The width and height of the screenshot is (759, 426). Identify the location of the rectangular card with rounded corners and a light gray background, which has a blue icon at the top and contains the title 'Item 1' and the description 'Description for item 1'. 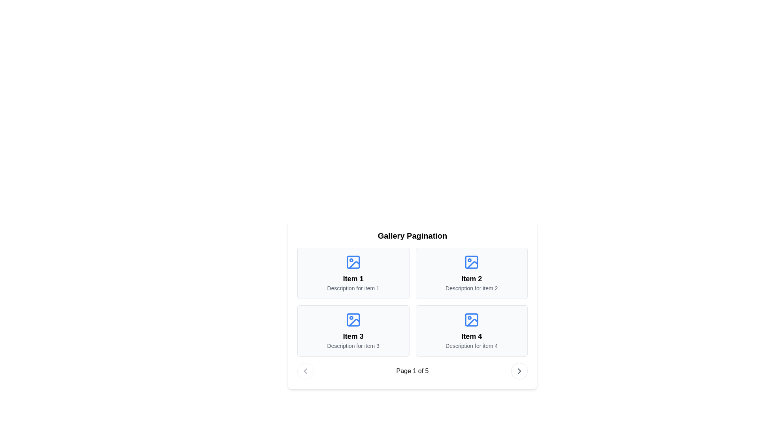
(353, 273).